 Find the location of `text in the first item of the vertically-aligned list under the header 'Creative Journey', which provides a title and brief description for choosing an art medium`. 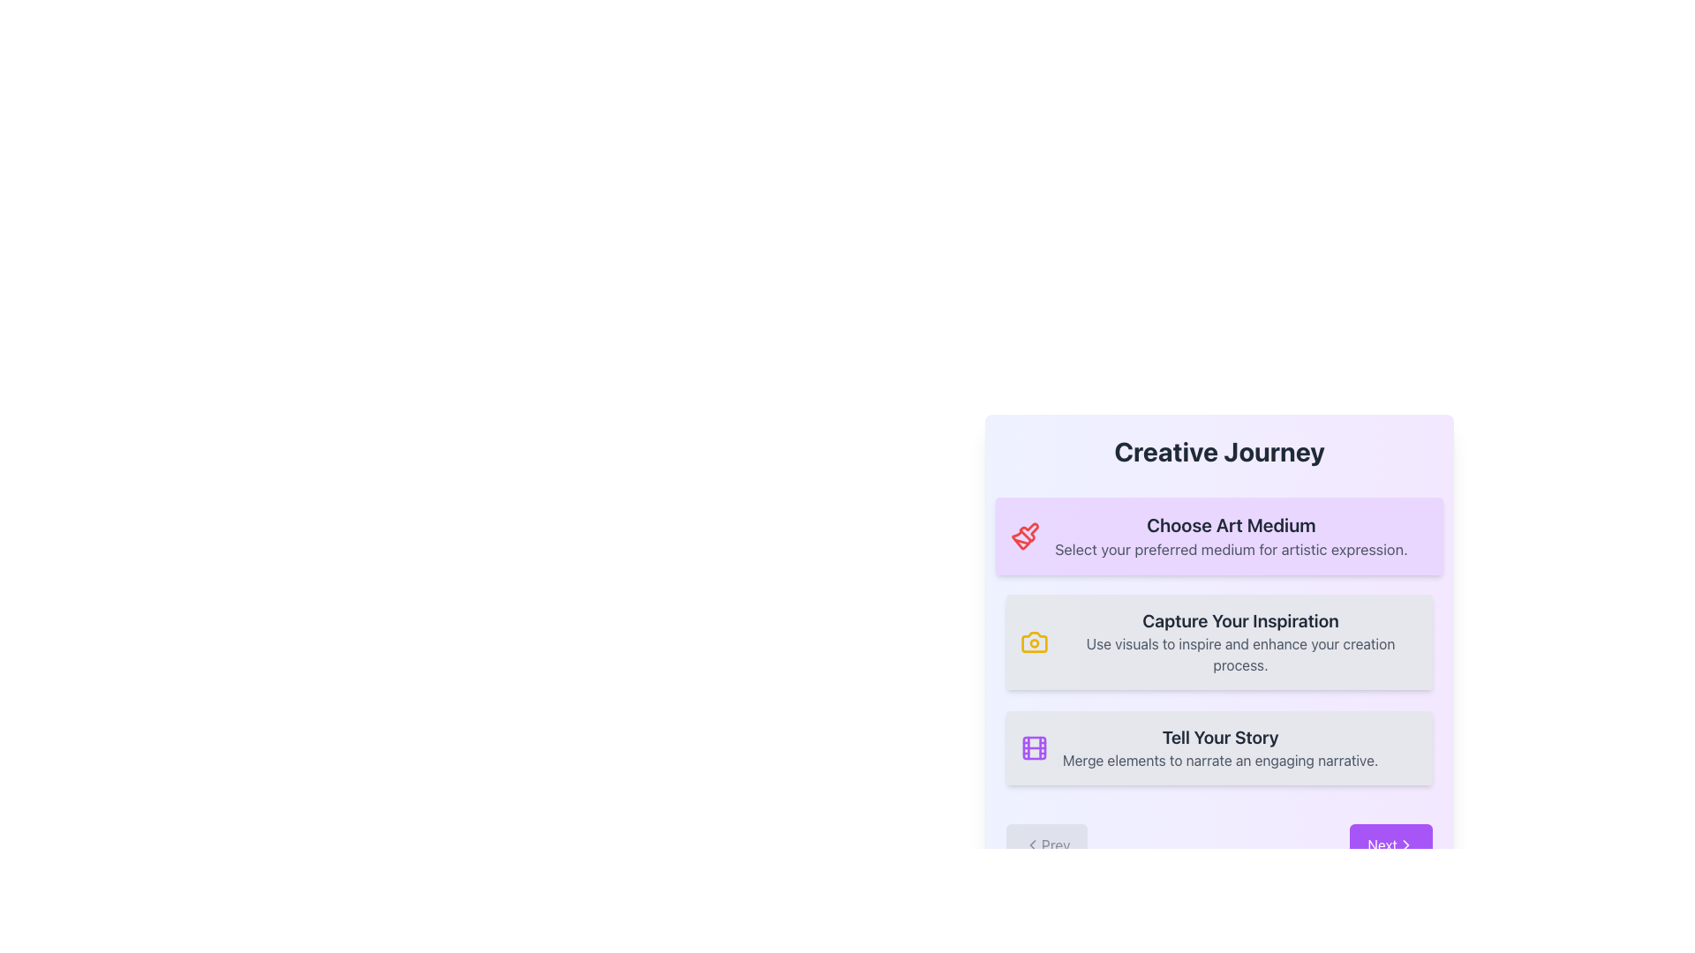

text in the first item of the vertically-aligned list under the header 'Creative Journey', which provides a title and brief description for choosing an art medium is located at coordinates (1230, 536).